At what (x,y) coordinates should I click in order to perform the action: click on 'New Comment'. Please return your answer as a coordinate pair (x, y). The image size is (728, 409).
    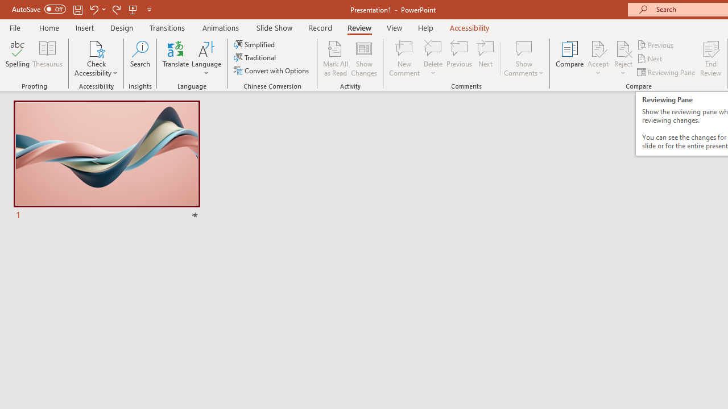
    Looking at the image, I should click on (404, 59).